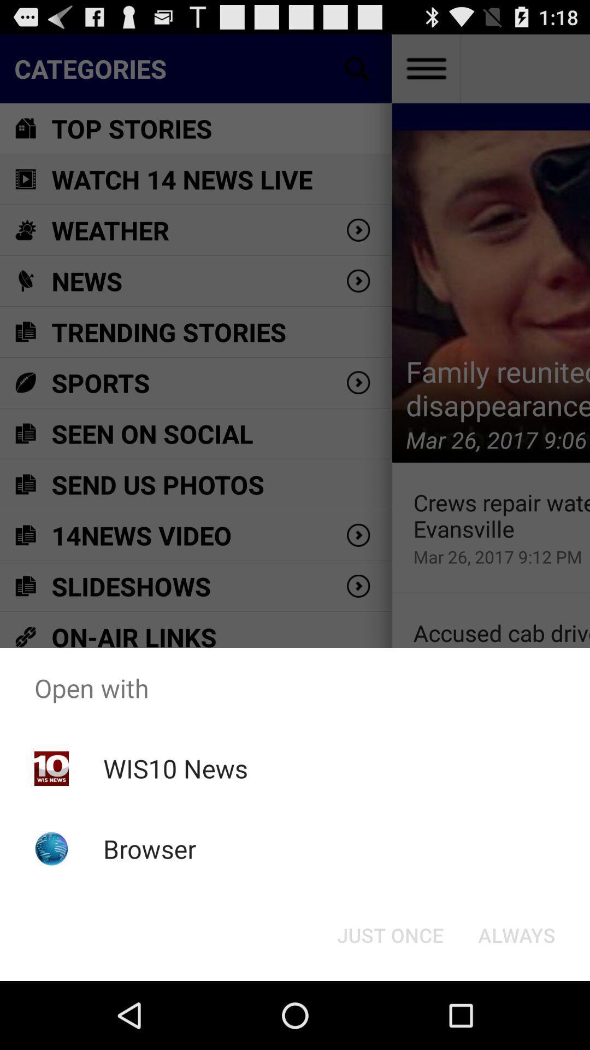 This screenshot has width=590, height=1050. I want to click on wis10 news icon, so click(175, 768).